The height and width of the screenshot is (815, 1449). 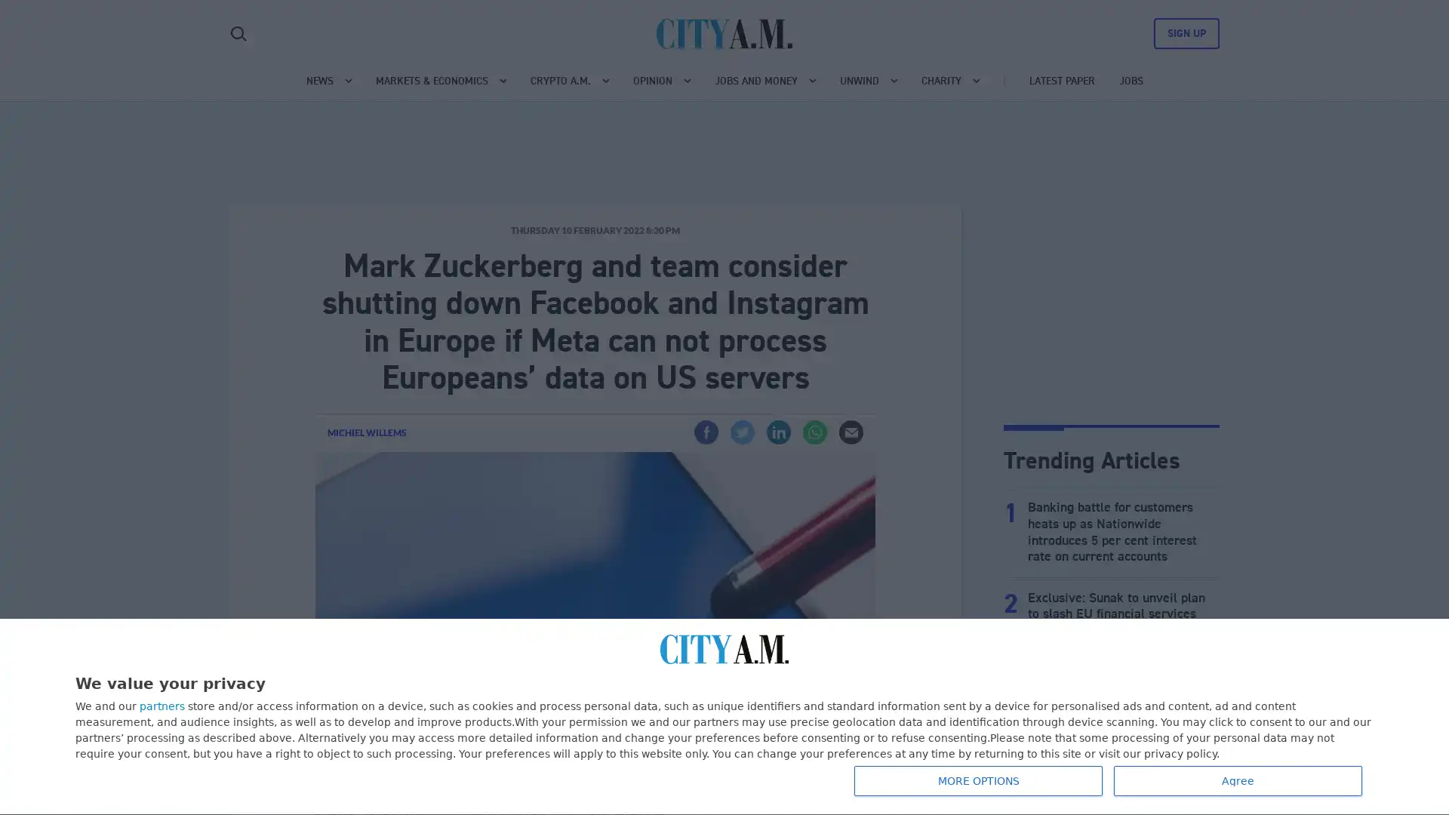 What do you see at coordinates (978, 780) in the screenshot?
I see `MORE OPTIONS` at bounding box center [978, 780].